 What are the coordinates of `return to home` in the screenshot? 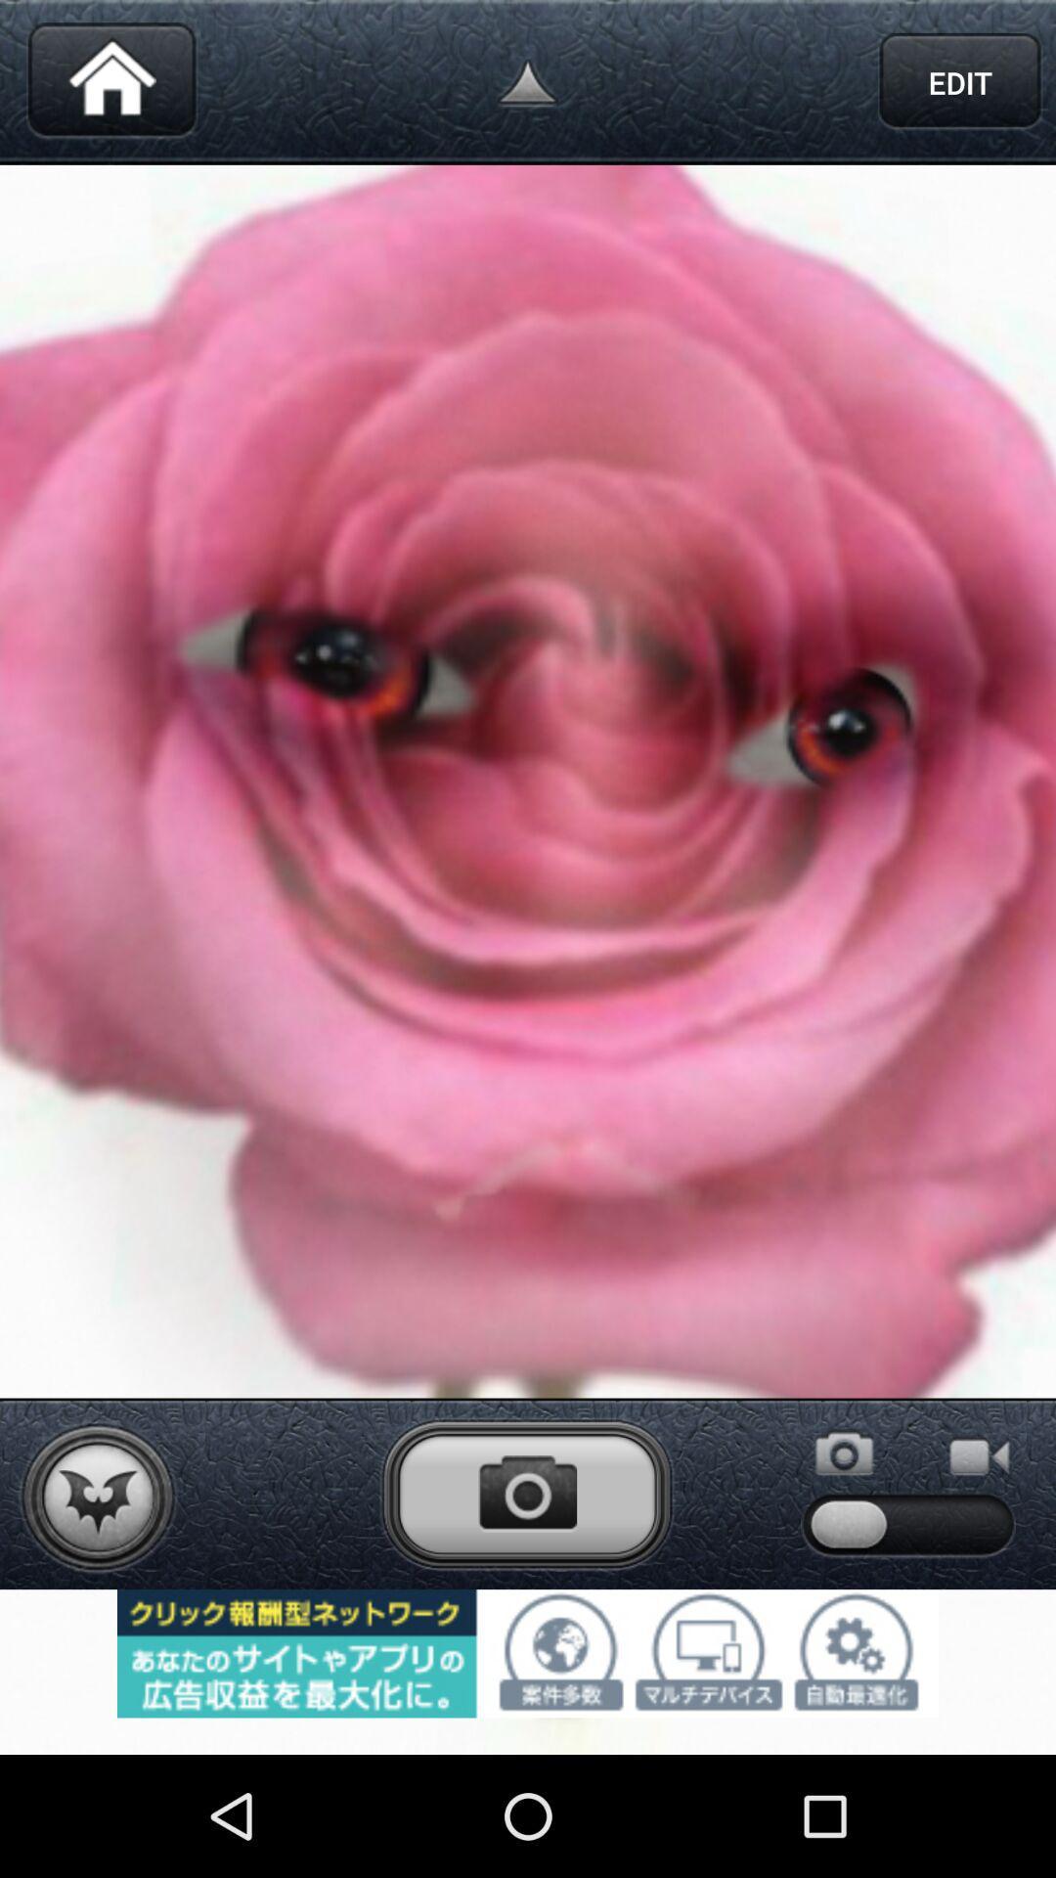 It's located at (111, 81).